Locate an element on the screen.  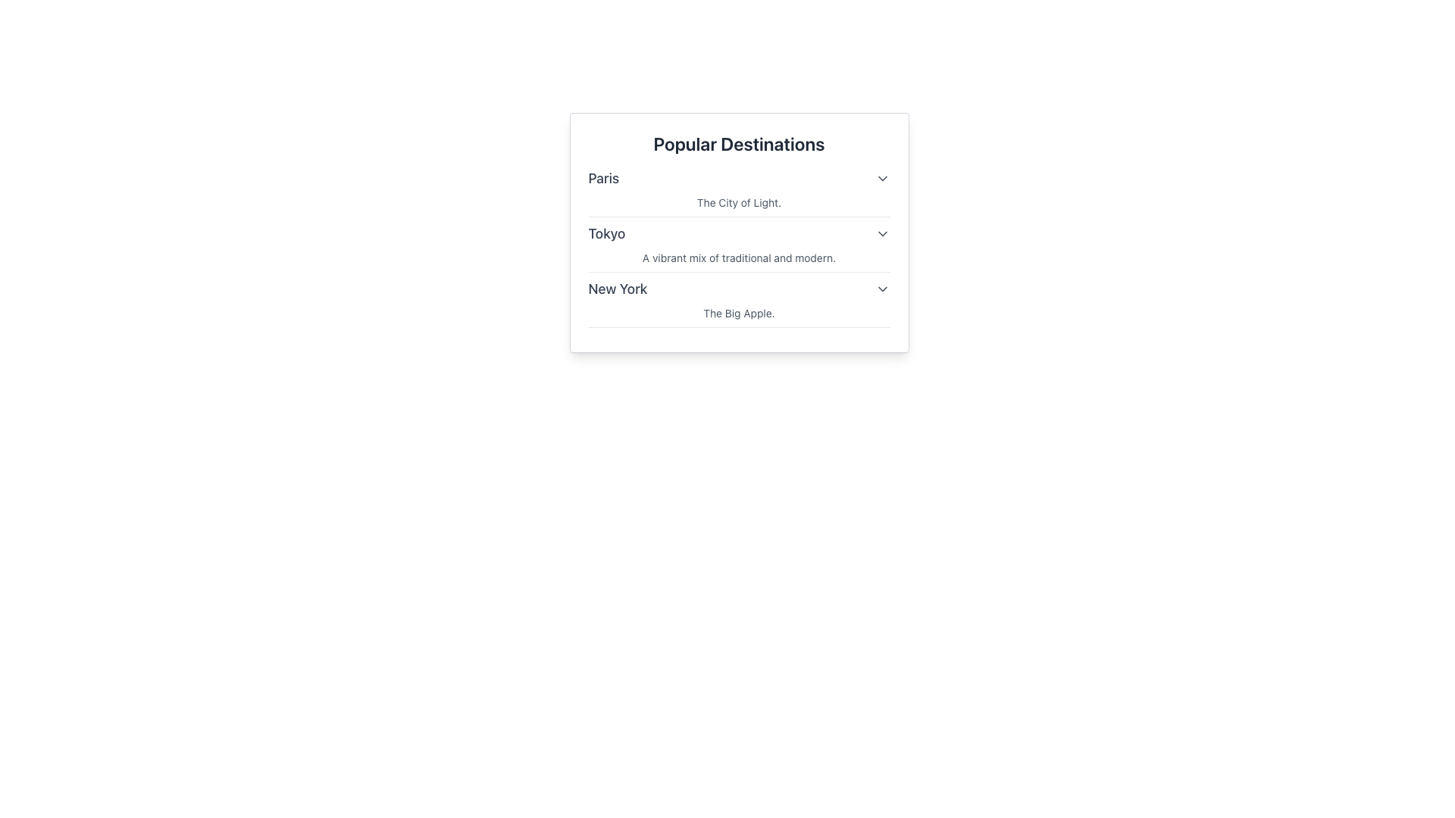
the descriptive subtitle text for the 'Paris' dropdown item, which provides additional contextual information about the destination is located at coordinates (739, 201).